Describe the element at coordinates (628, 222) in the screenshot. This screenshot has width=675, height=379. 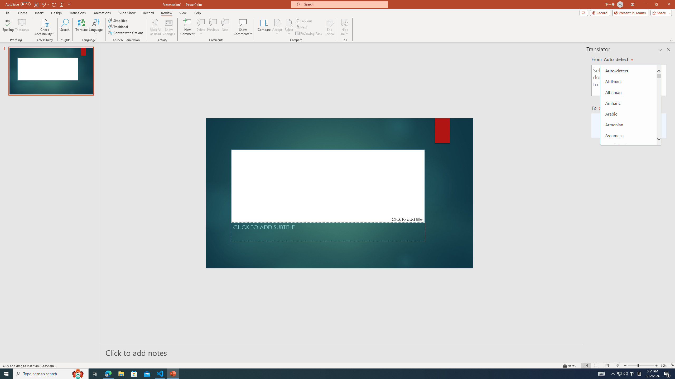
I see `'Bulgarian'` at that location.